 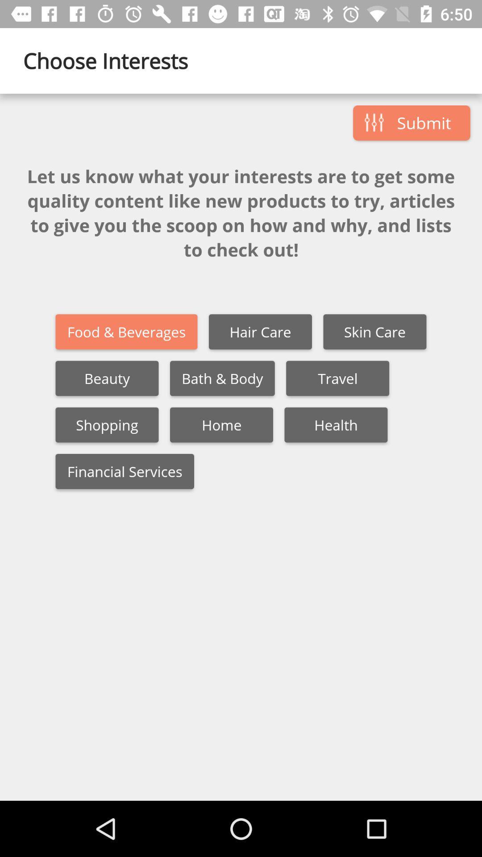 What do you see at coordinates (337, 378) in the screenshot?
I see `travel` at bounding box center [337, 378].